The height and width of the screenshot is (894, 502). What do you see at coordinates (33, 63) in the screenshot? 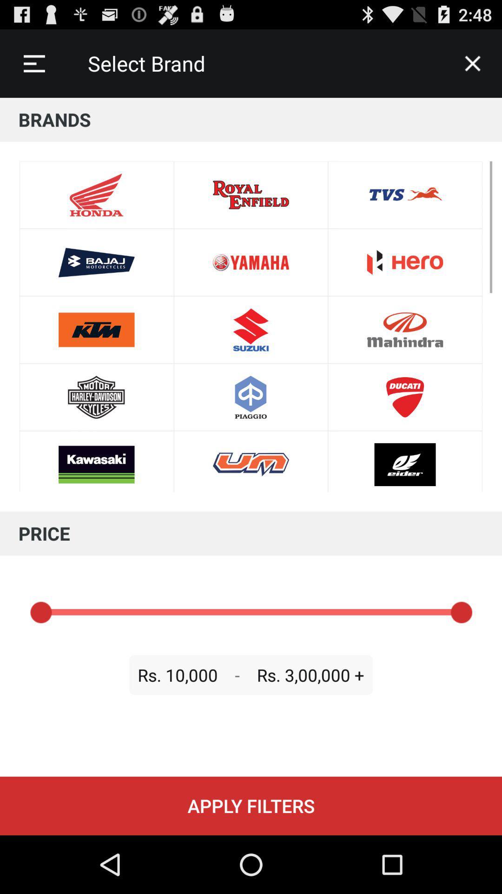
I see `the item above brands item` at bounding box center [33, 63].